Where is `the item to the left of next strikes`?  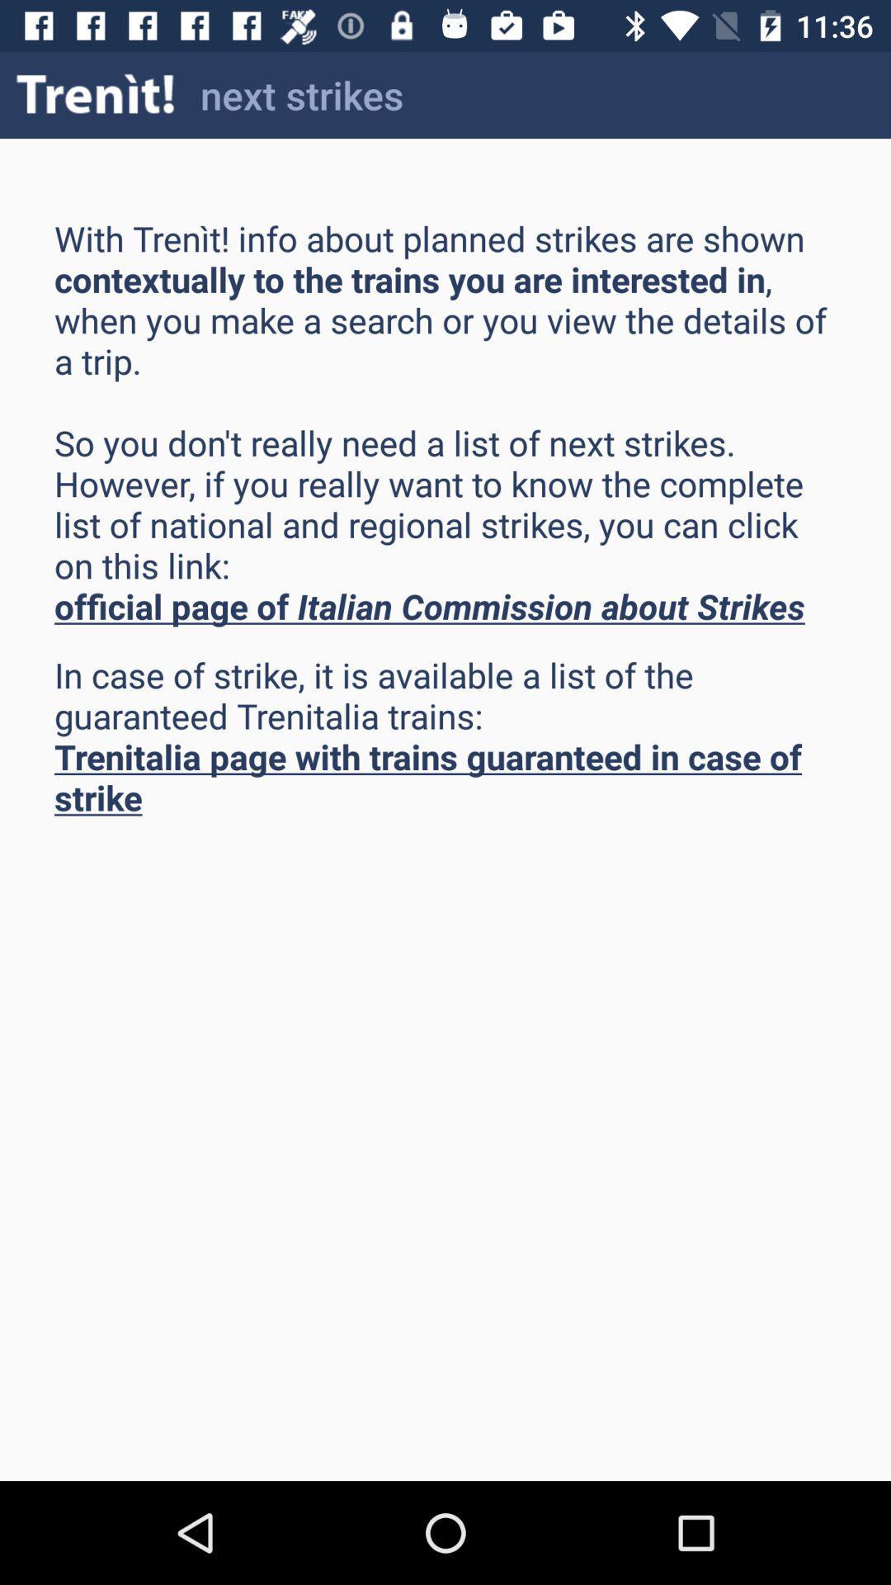 the item to the left of next strikes is located at coordinates (96, 94).